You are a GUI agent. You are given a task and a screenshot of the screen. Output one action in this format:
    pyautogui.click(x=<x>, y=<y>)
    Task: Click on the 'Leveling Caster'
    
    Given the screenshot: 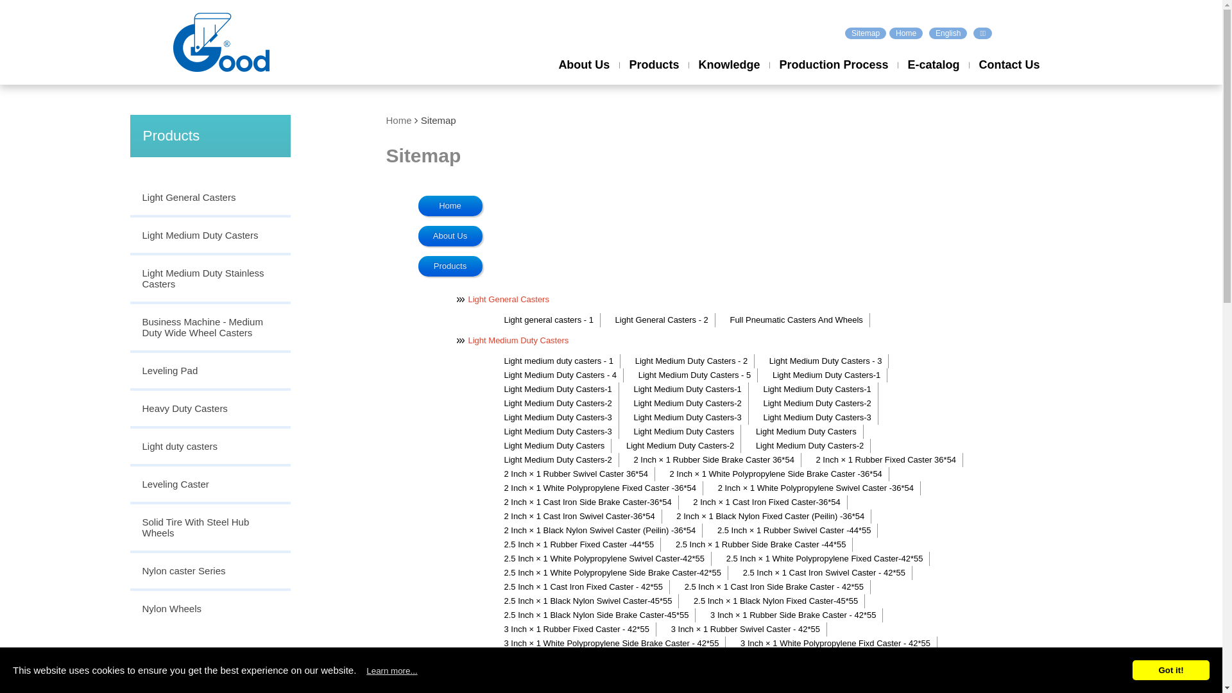 What is the action you would take?
    pyautogui.click(x=209, y=485)
    